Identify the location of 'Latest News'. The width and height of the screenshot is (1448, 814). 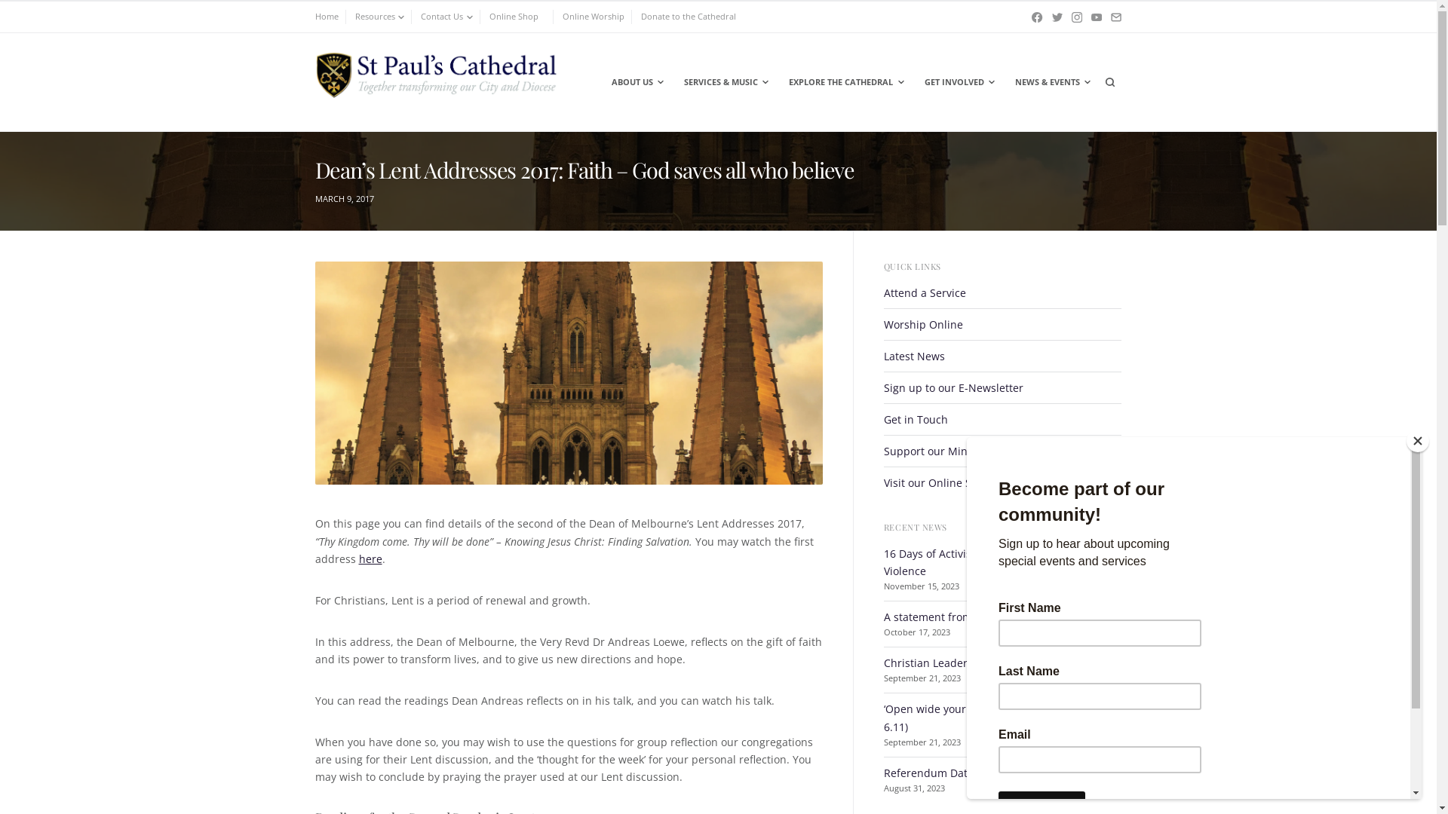
(913, 356).